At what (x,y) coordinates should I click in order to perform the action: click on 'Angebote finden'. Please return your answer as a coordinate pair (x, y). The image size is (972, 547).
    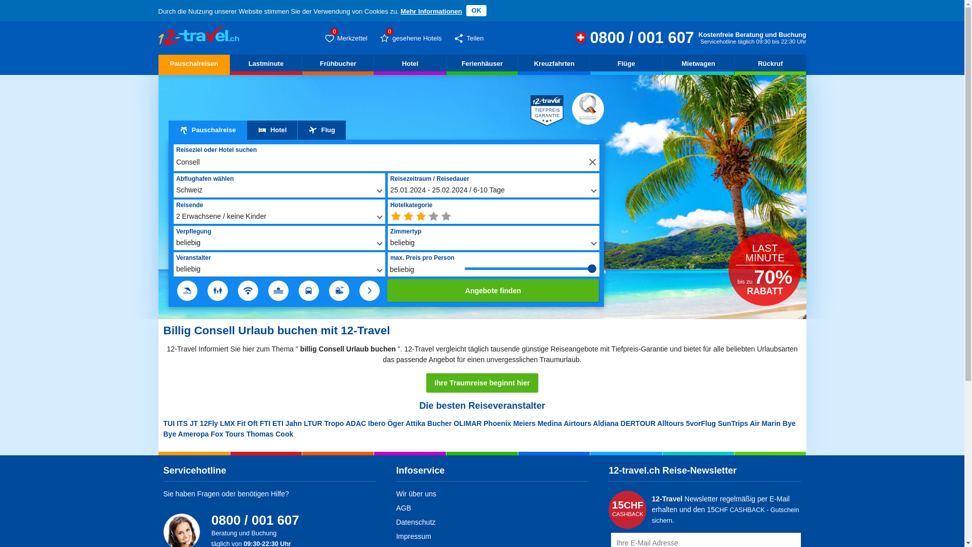
    Looking at the image, I should click on (493, 290).